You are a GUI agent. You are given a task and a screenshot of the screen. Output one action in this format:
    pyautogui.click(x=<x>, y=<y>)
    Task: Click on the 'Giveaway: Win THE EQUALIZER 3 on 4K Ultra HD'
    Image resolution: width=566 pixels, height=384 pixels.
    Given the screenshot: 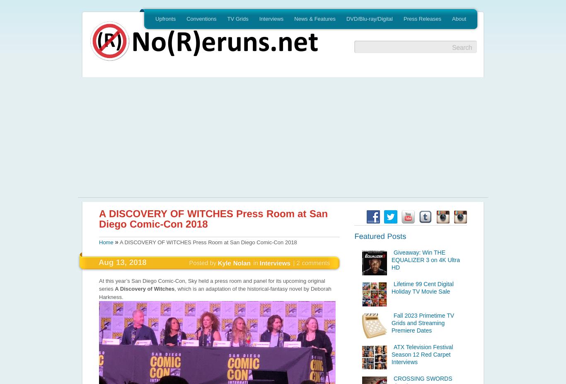 What is the action you would take?
    pyautogui.click(x=425, y=259)
    